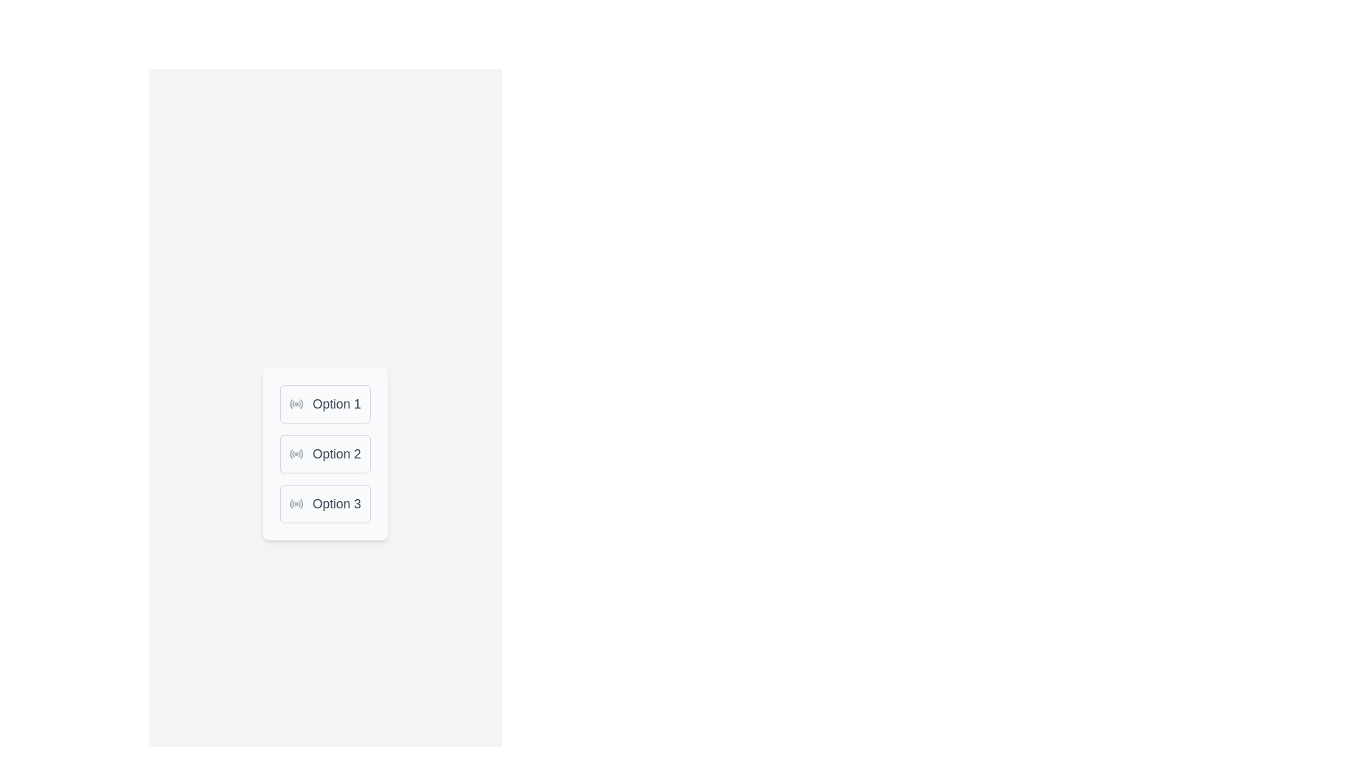  What do you see at coordinates (291, 404) in the screenshot?
I see `the innermost arc of the concentric arcs icon located to the left of the text 'Option 1' in the list item component` at bounding box center [291, 404].